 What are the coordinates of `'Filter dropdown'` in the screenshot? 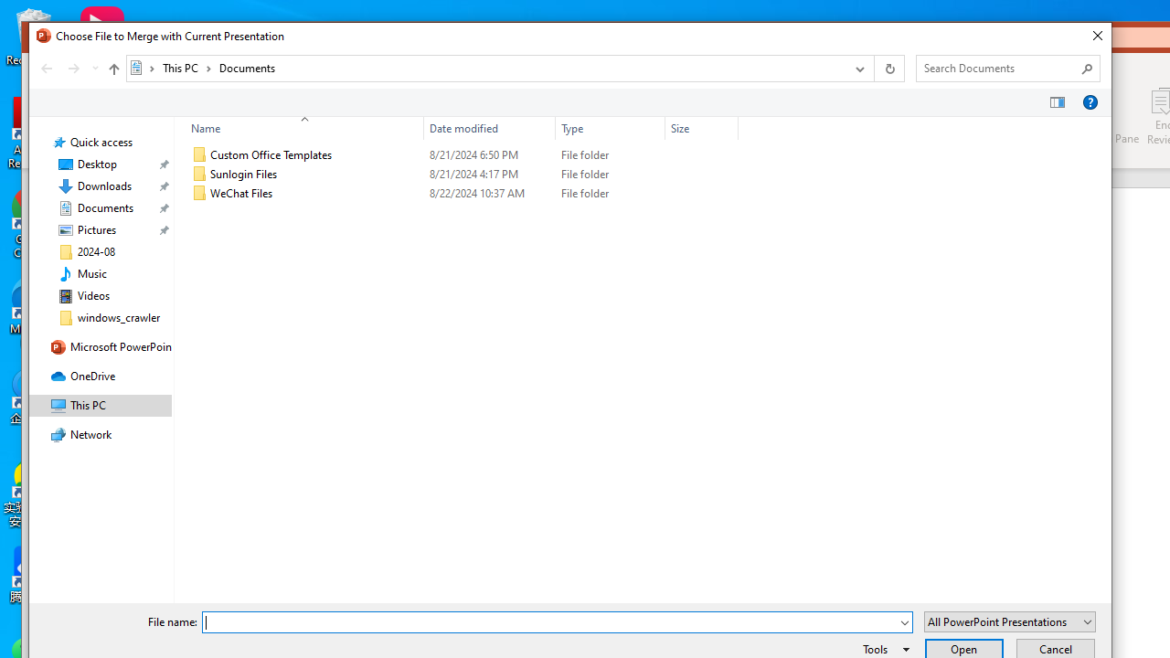 It's located at (729, 127).